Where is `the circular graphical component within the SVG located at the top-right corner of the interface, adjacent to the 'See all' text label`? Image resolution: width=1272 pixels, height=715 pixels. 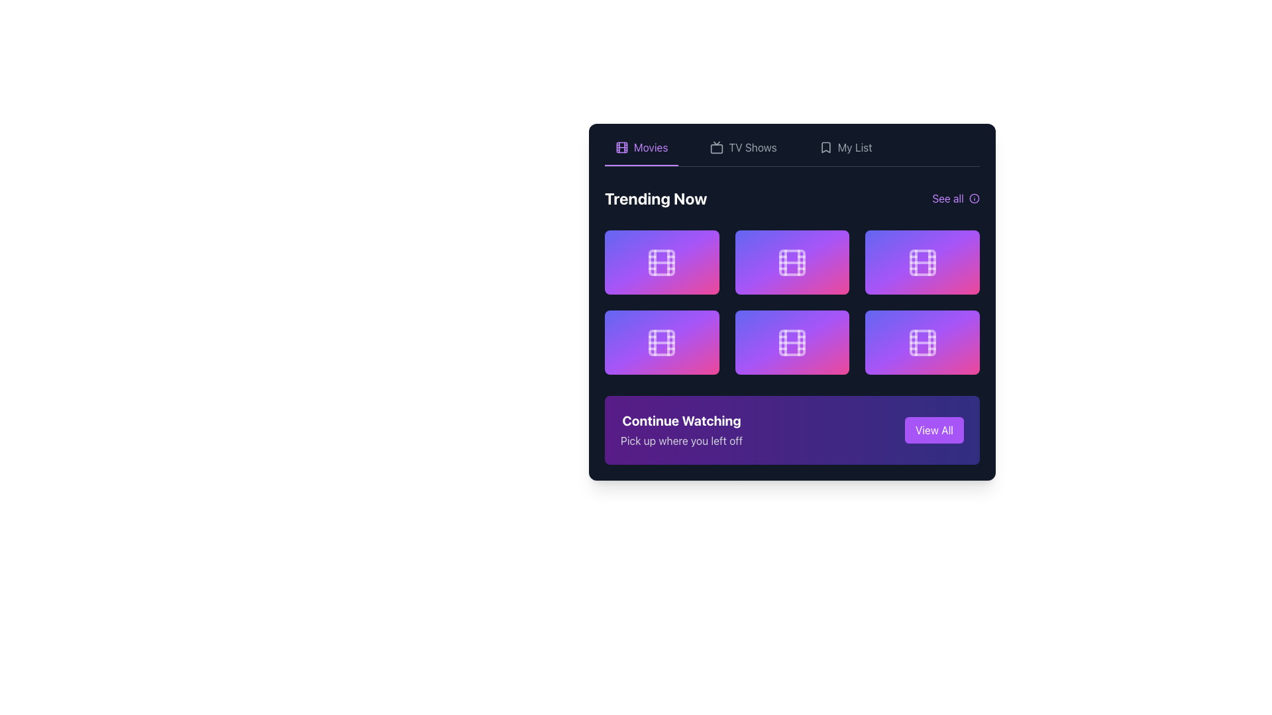 the circular graphical component within the SVG located at the top-right corner of the interface, adjacent to the 'See all' text label is located at coordinates (974, 199).